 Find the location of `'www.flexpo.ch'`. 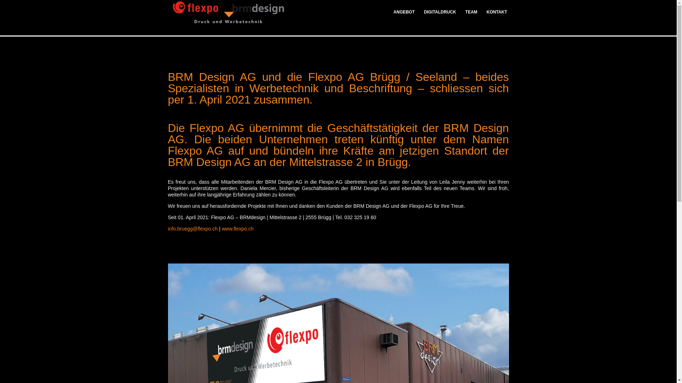

'www.flexpo.ch' is located at coordinates (237, 228).